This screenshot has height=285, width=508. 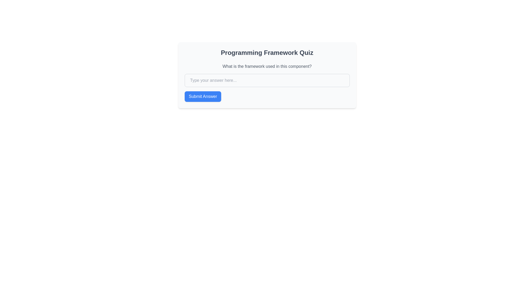 I want to click on the submit button located at the bottom of the quiz interface, below the input field with the placeholder 'Type your answer here...', to observe the hover effects, so click(x=202, y=97).